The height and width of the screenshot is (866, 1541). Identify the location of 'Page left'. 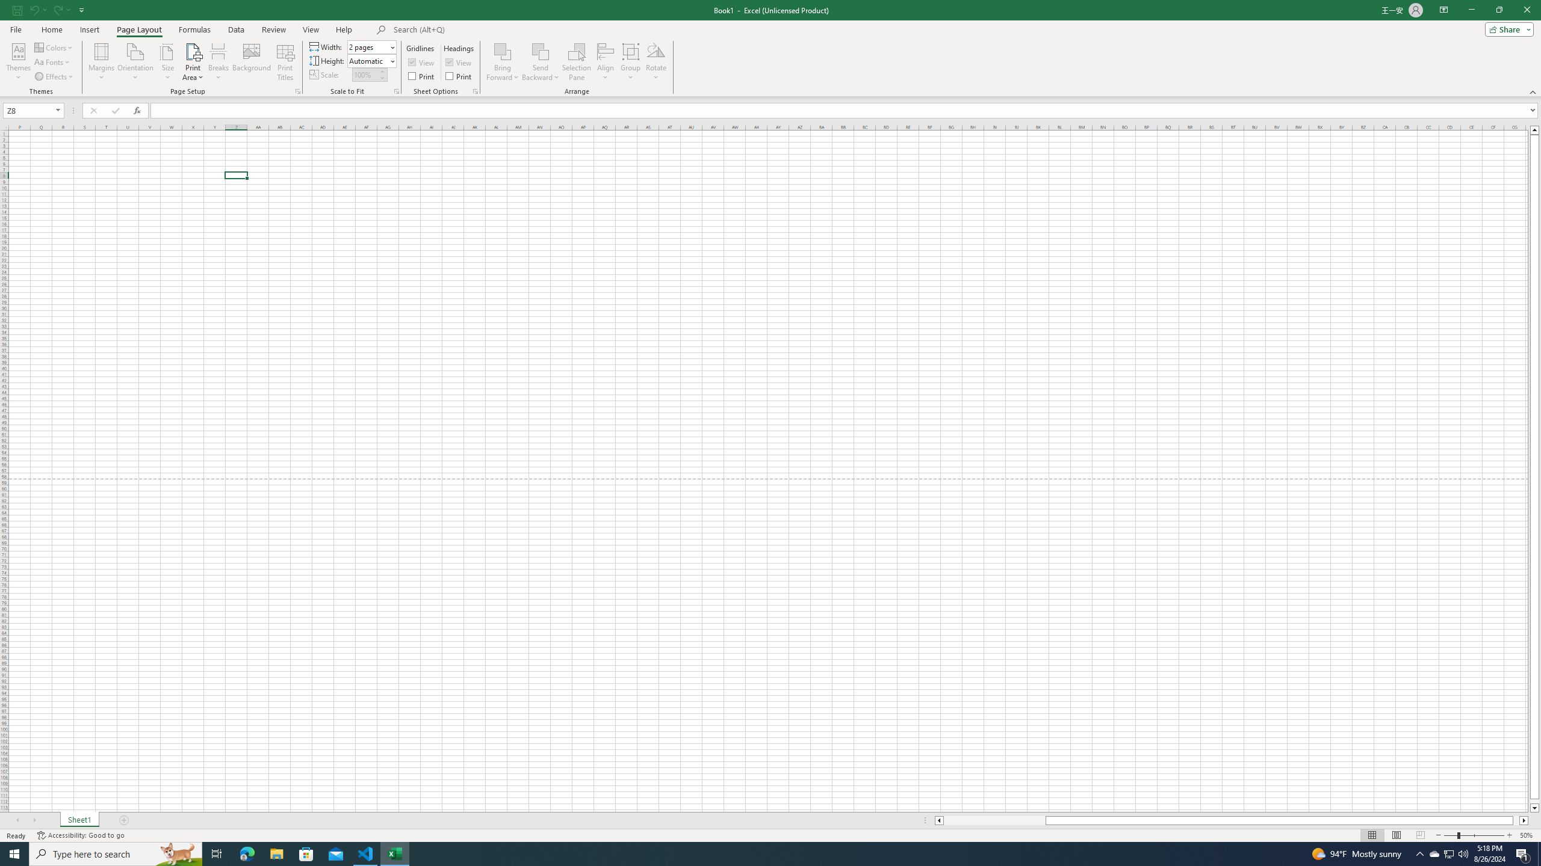
(994, 820).